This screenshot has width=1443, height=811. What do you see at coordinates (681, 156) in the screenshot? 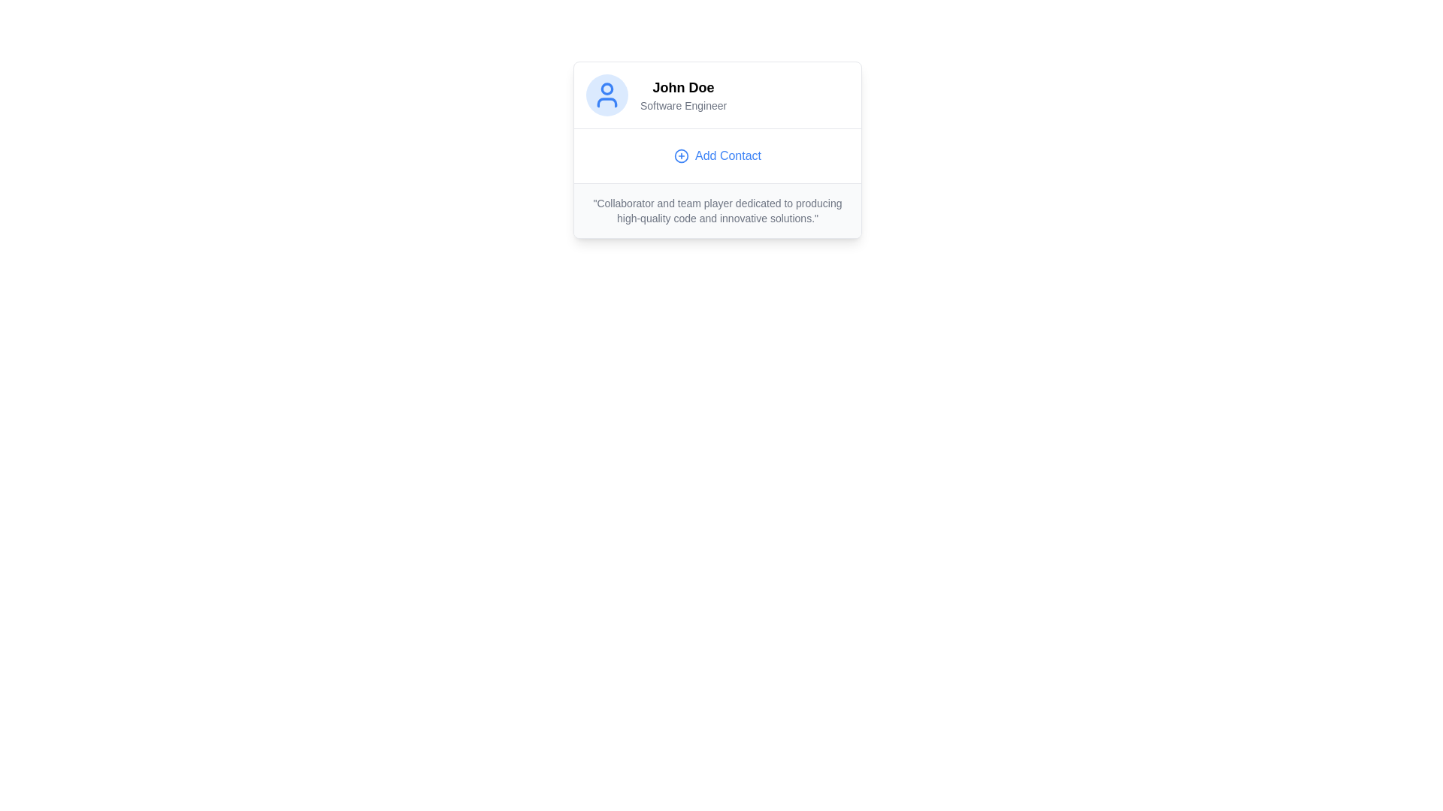
I see `the circular icon located to the left of the 'Add Contact' button, which serves as a visual emphasis for adding a new contact` at bounding box center [681, 156].